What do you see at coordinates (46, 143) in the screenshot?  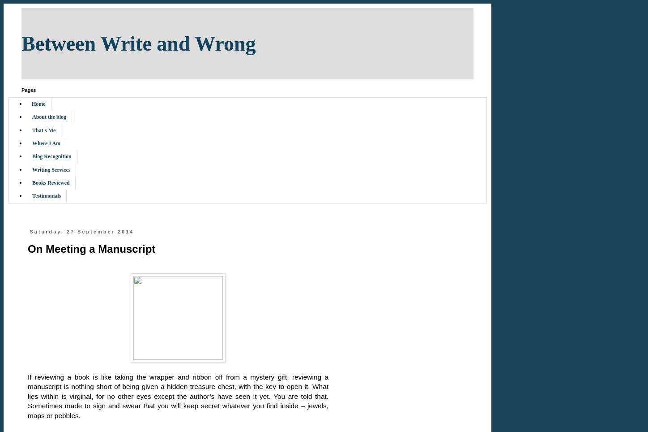 I see `'Where I Am'` at bounding box center [46, 143].